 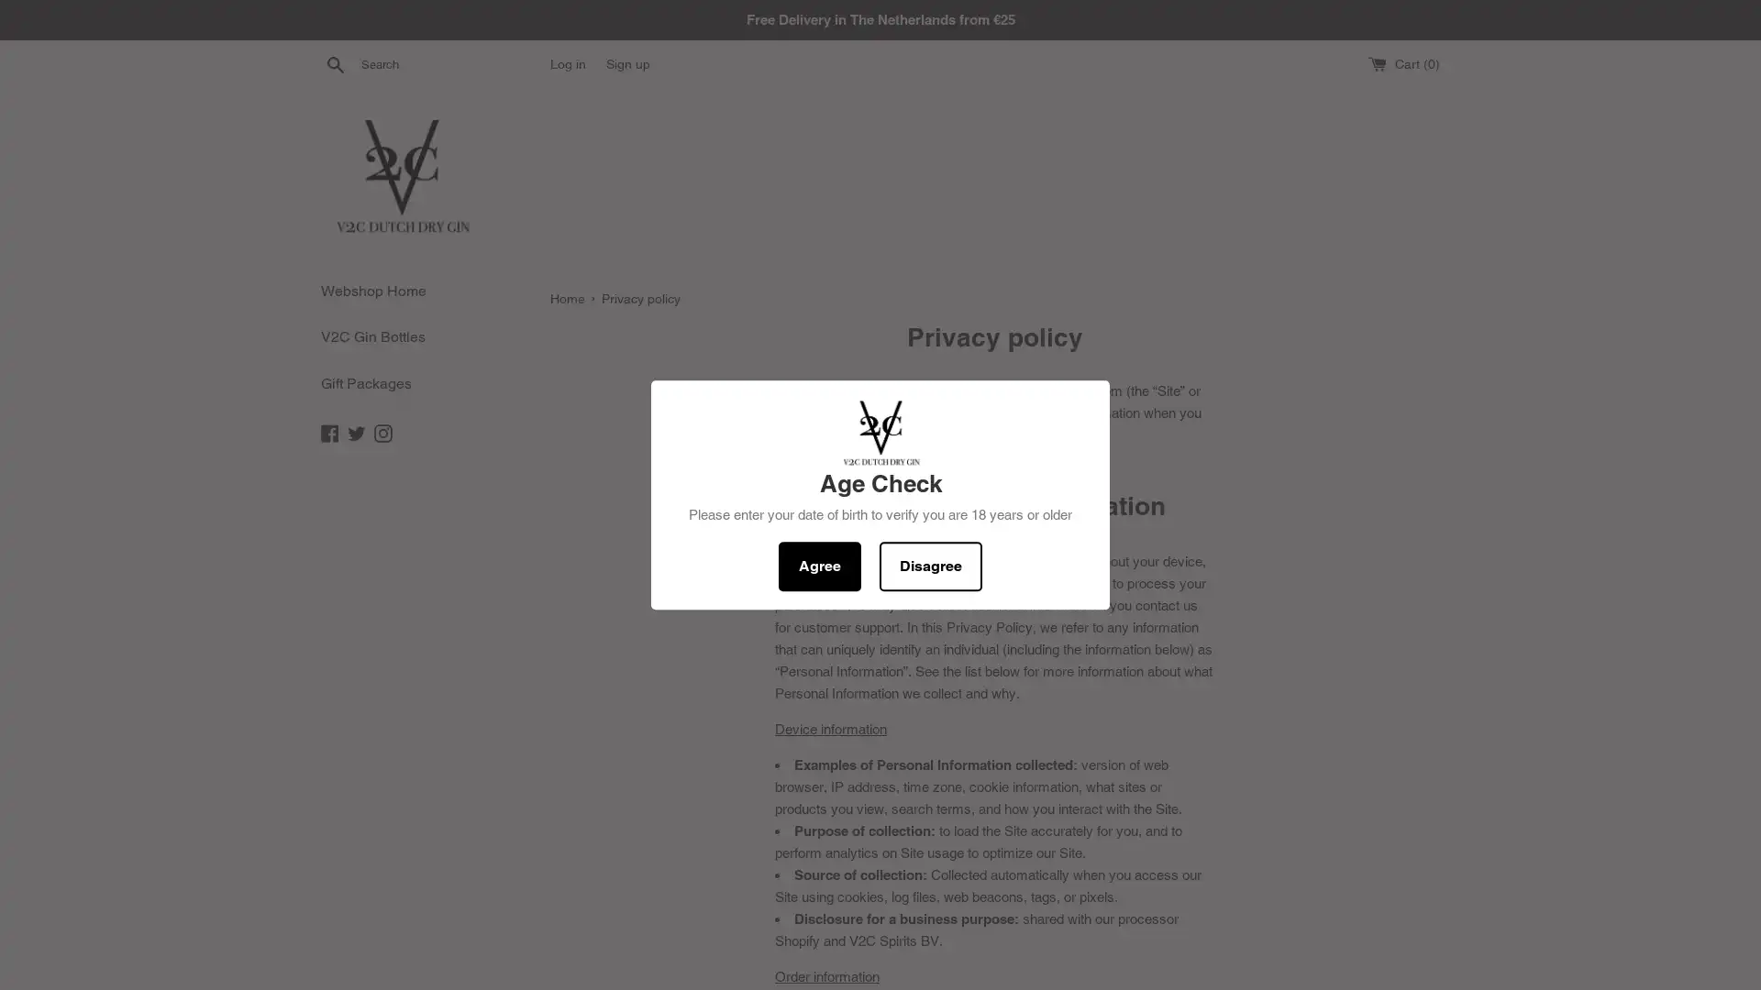 I want to click on Agree, so click(x=818, y=565).